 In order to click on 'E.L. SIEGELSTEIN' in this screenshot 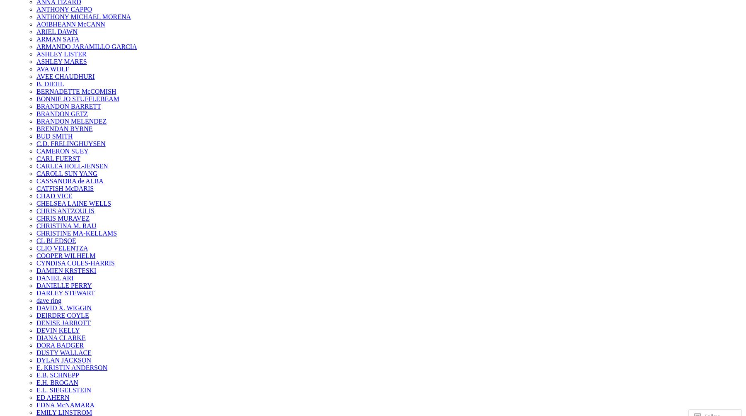, I will do `click(36, 389)`.